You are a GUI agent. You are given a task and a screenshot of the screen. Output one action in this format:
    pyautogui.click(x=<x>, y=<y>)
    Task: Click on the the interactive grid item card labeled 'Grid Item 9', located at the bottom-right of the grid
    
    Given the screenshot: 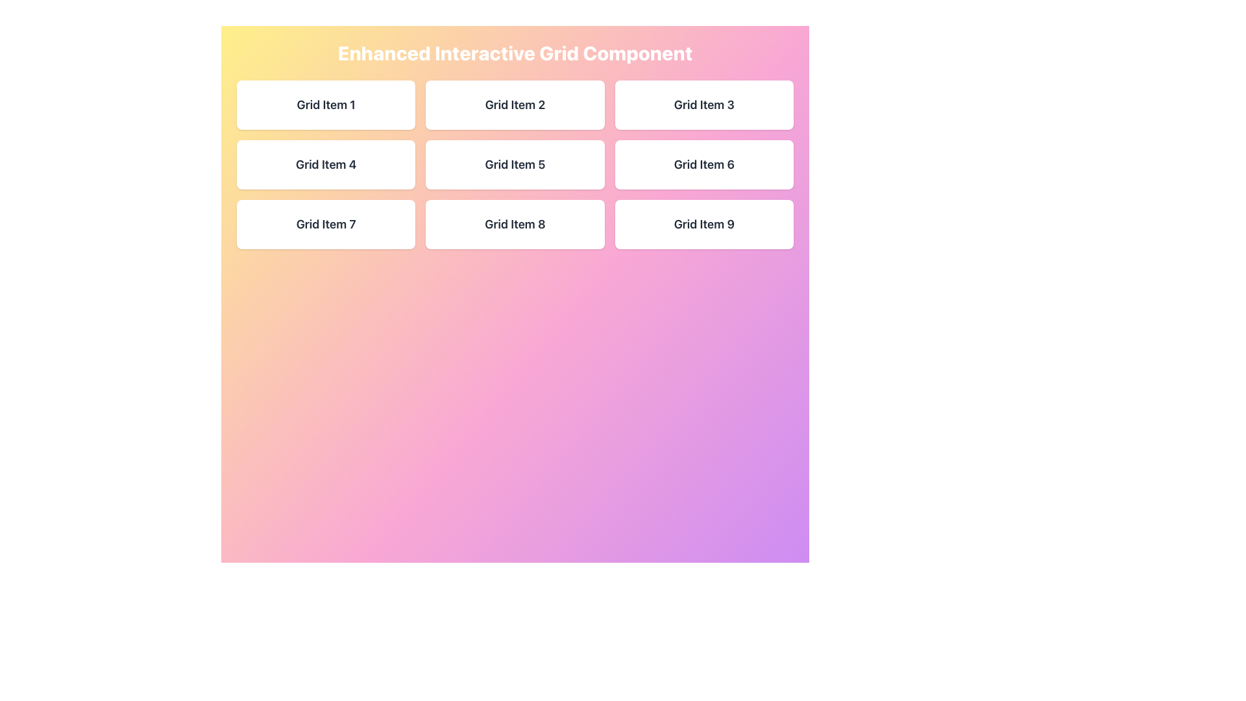 What is the action you would take?
    pyautogui.click(x=703, y=224)
    